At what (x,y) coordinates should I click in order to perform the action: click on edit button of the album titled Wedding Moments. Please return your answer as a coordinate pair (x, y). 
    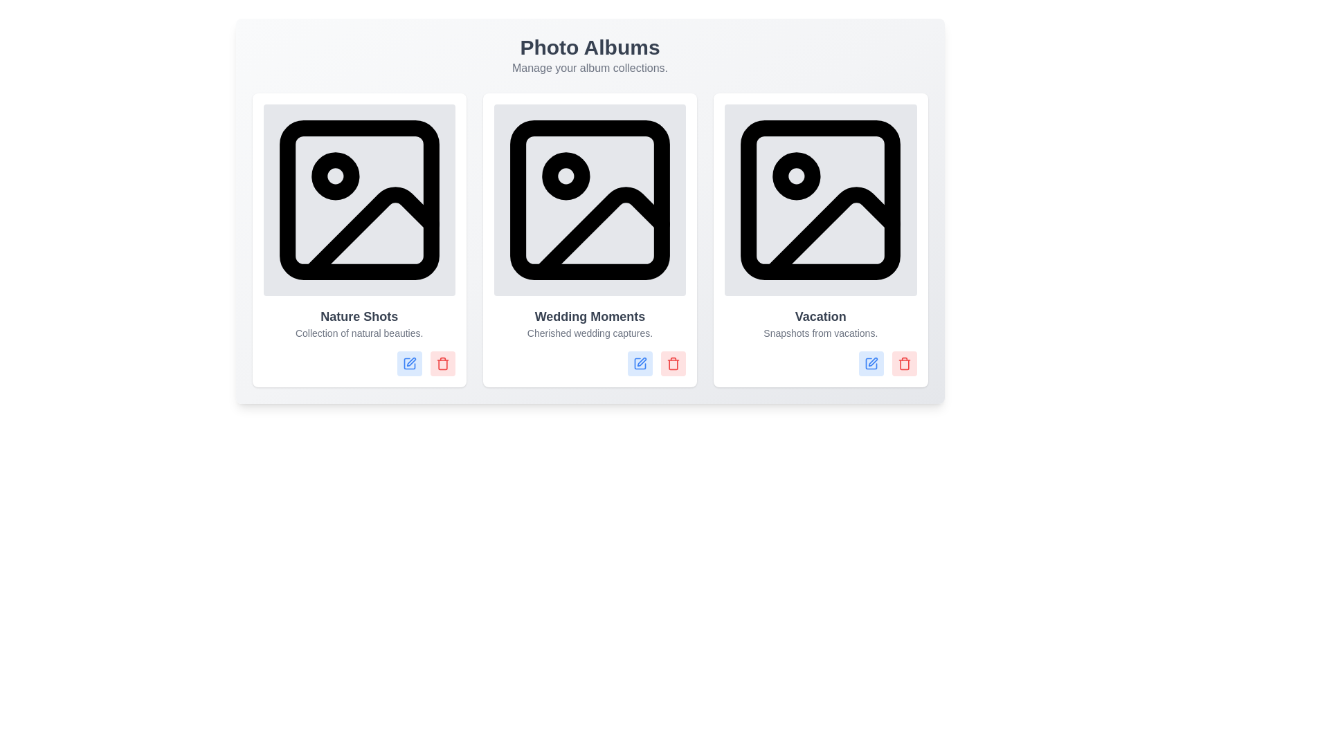
    Looking at the image, I should click on (640, 363).